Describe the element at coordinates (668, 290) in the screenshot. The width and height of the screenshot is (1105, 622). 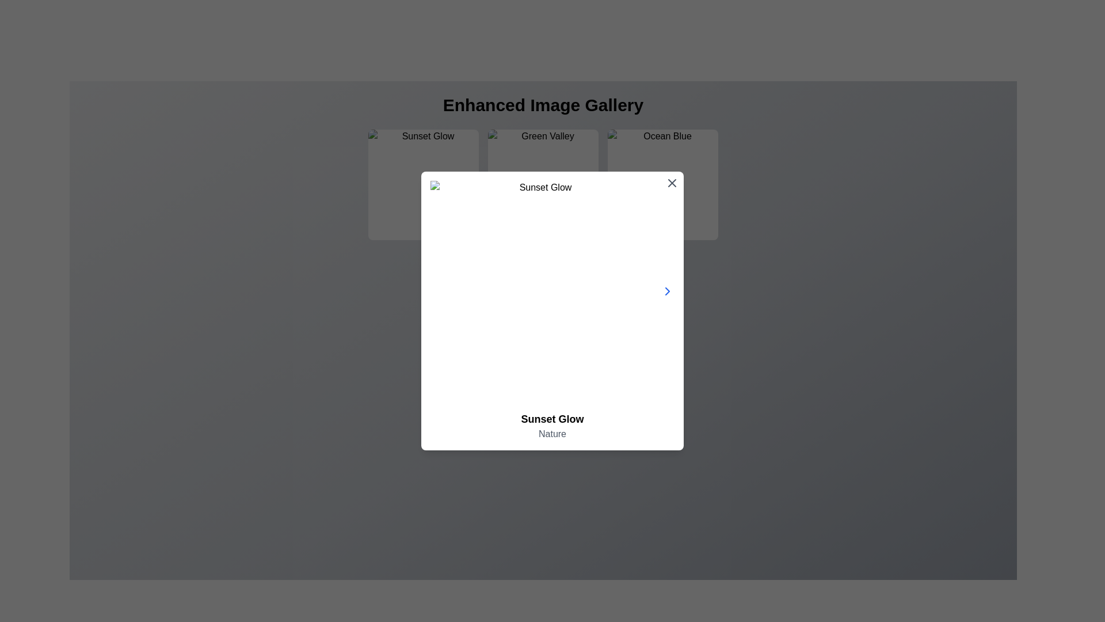
I see `the rightmost chevron icon on the right-hand side of the 'Sunset Glow' modal dialog` at that location.